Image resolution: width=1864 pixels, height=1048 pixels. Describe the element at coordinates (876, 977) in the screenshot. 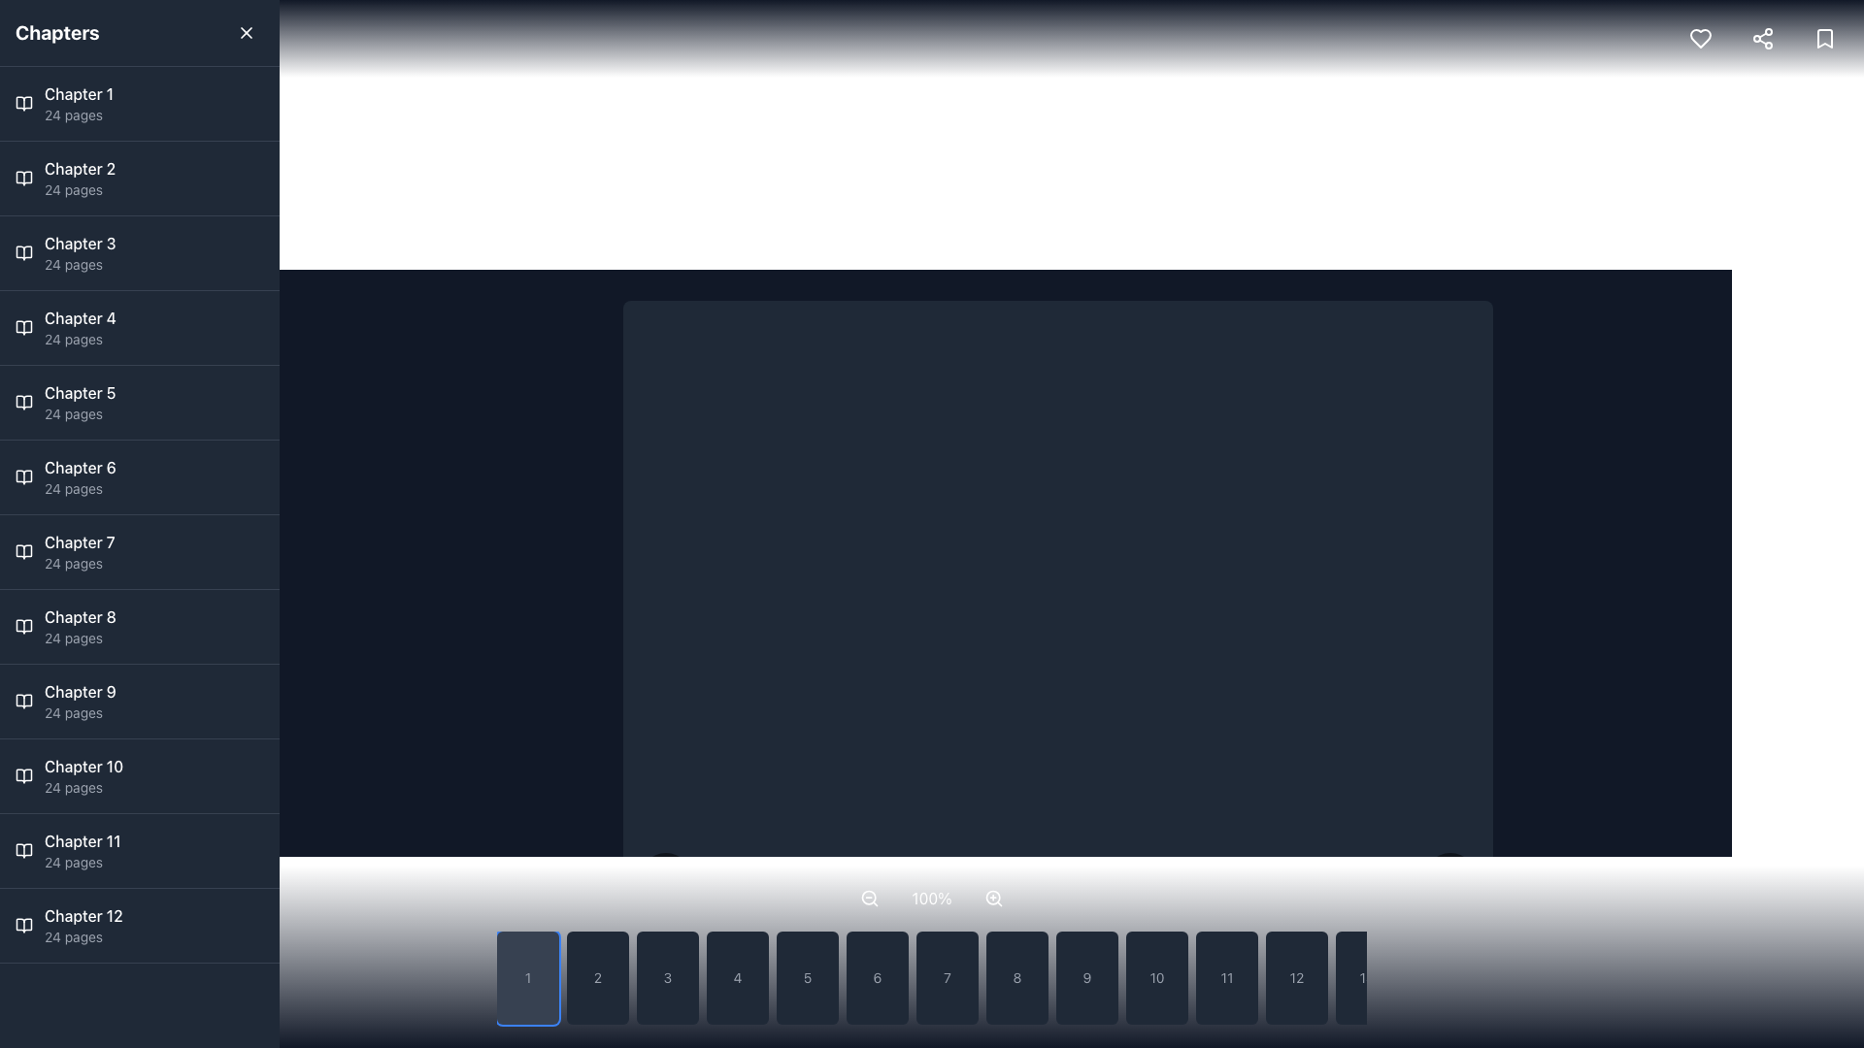

I see `the sixth button in the navigation bar located at the bottom of the interface` at that location.